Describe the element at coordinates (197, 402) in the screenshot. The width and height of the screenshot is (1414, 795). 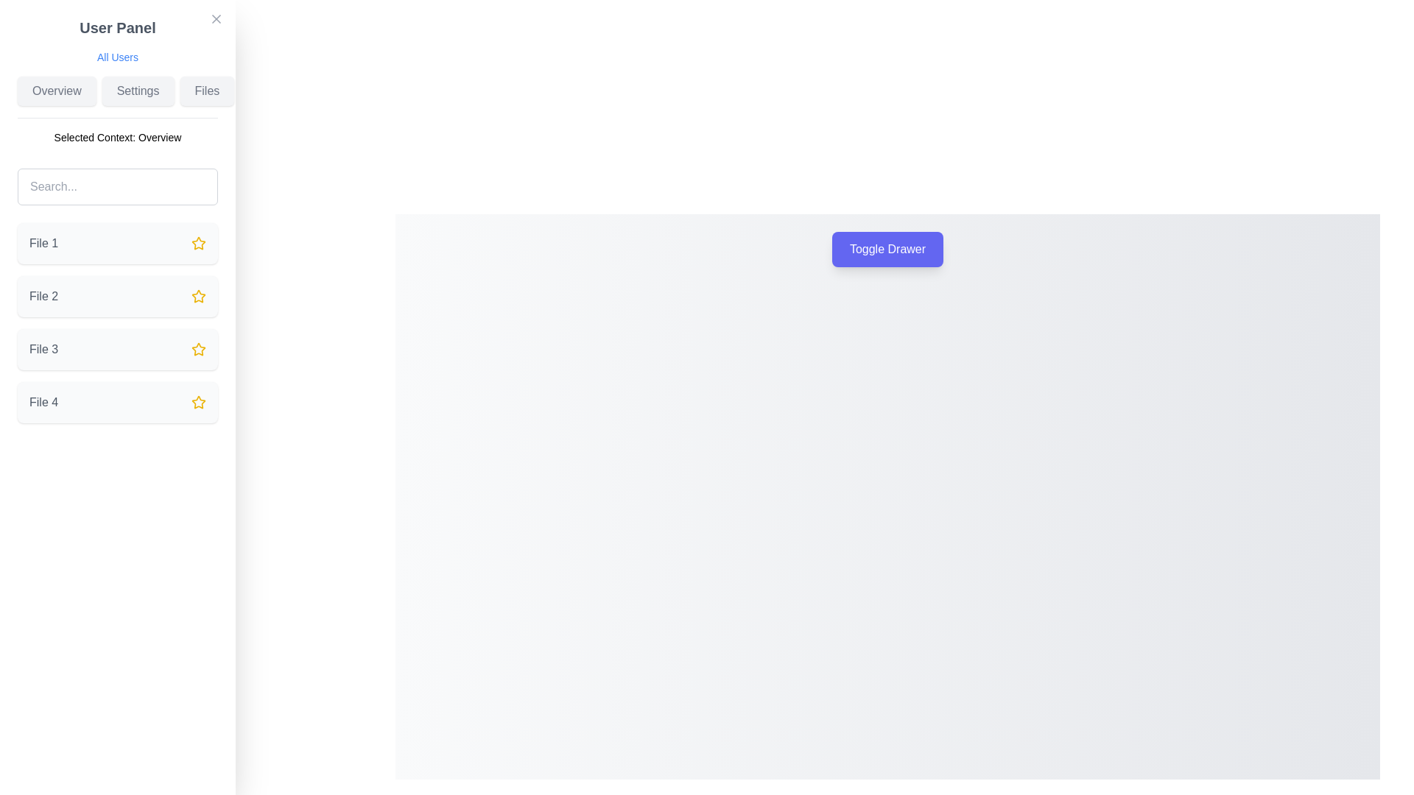
I see `the yellow star icon with a transparent center located in the fourth row of the 'Files' section on the sidebar` at that location.